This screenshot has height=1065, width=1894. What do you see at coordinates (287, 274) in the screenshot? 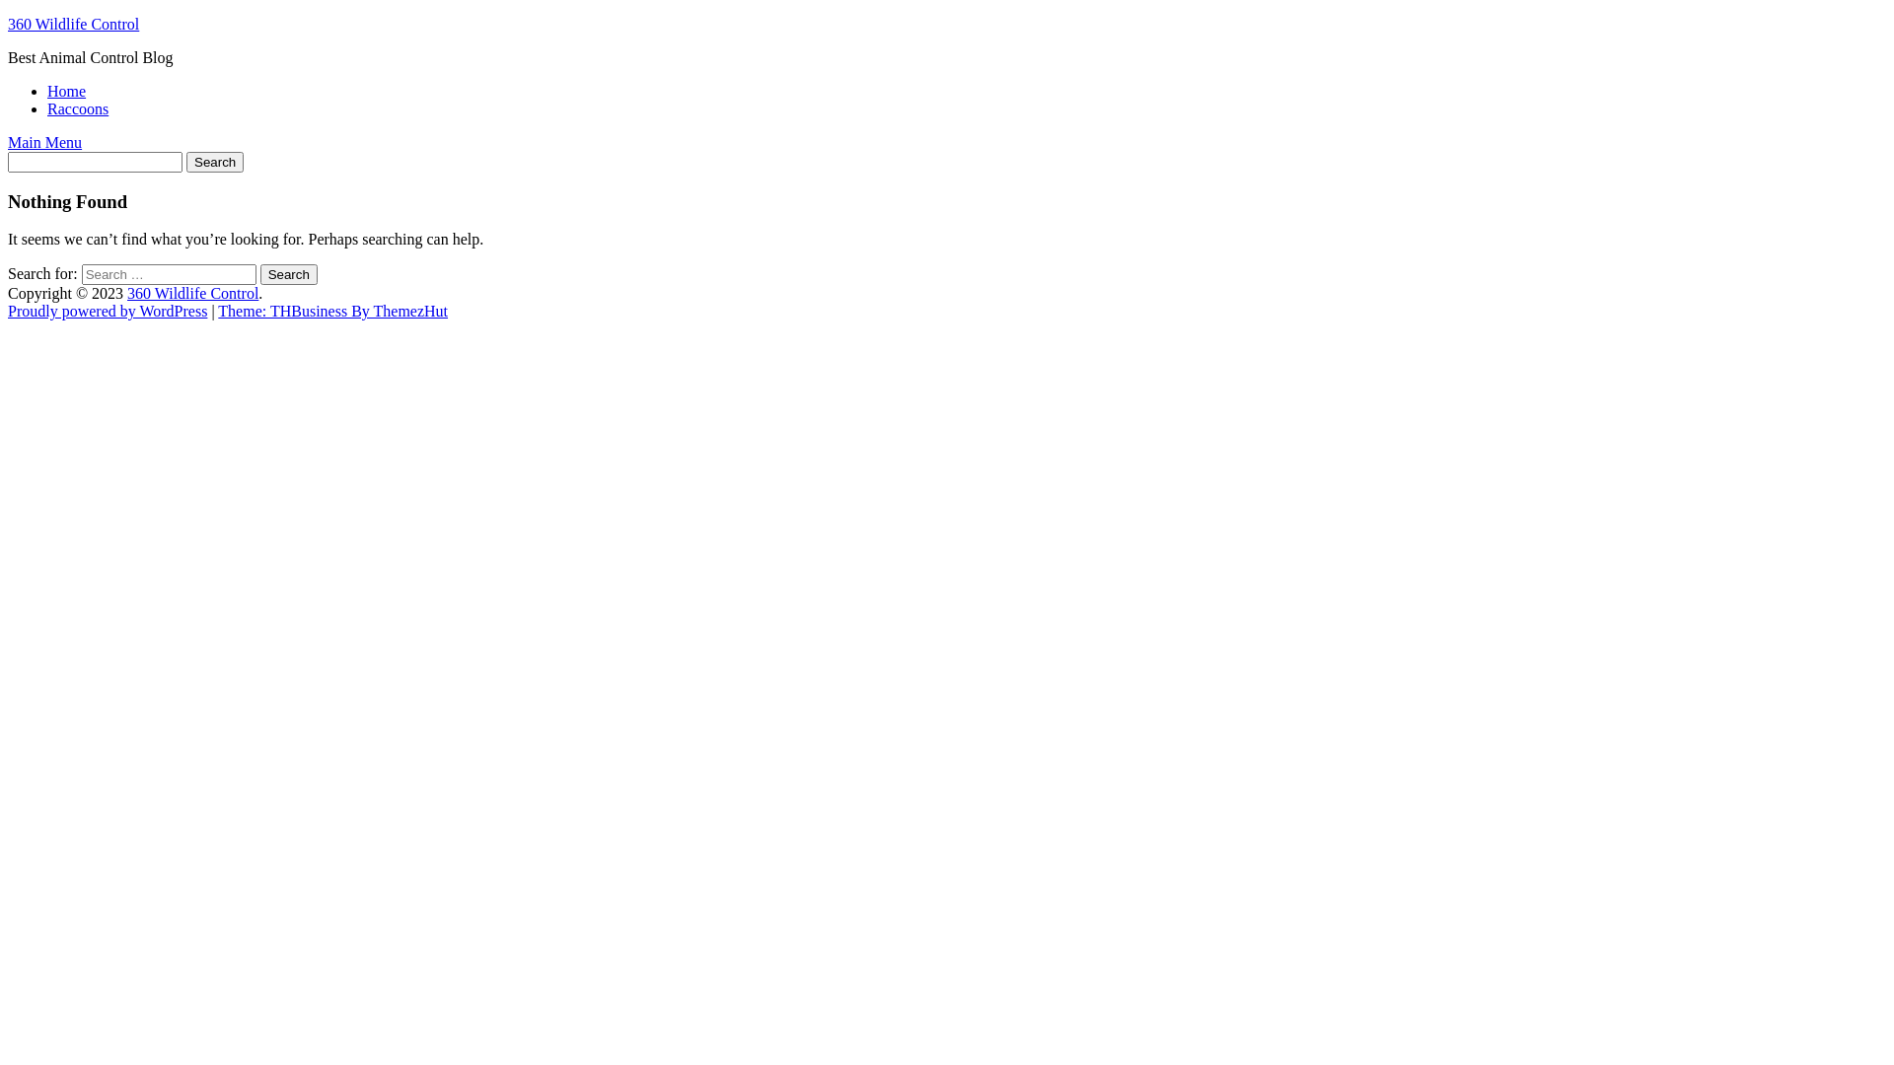
I see `'Search'` at bounding box center [287, 274].